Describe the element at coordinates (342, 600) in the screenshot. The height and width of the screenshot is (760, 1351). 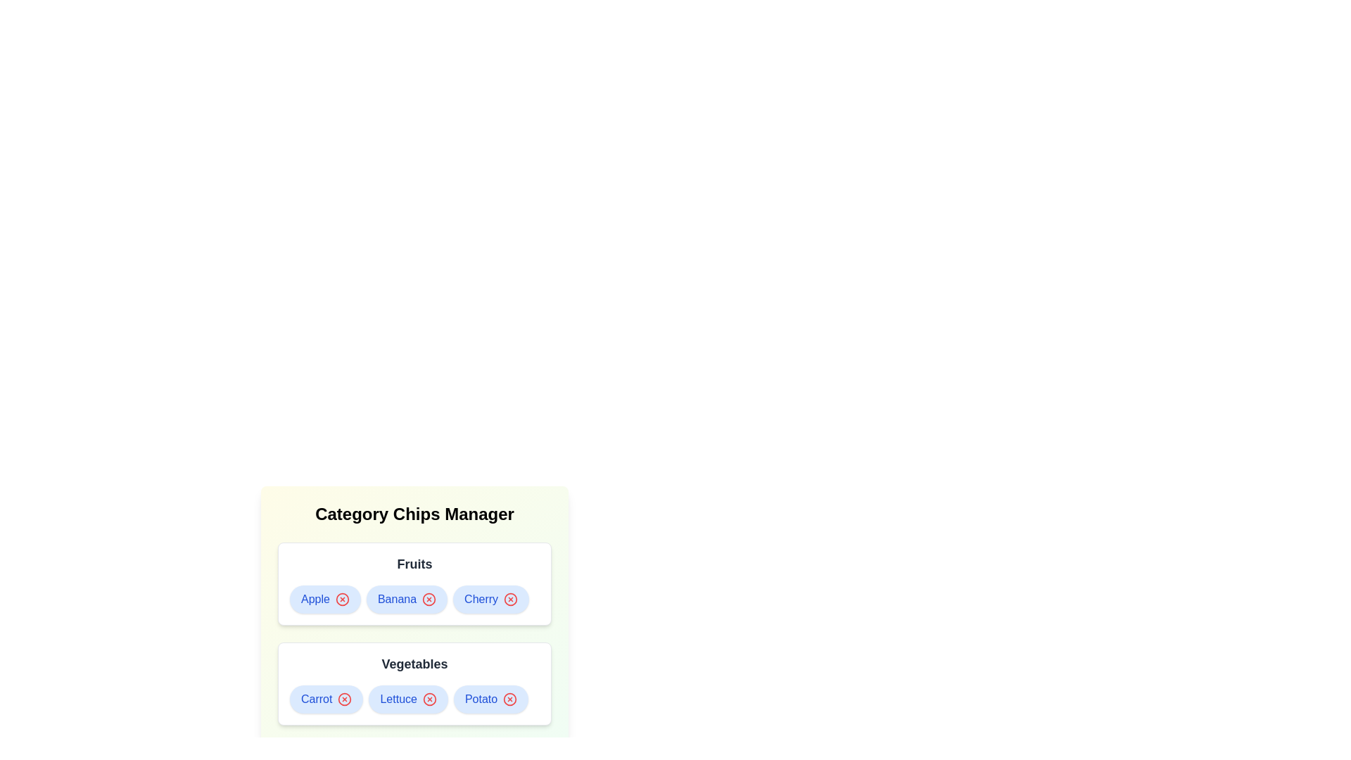
I see `remove button for the chip labeled Apple` at that location.